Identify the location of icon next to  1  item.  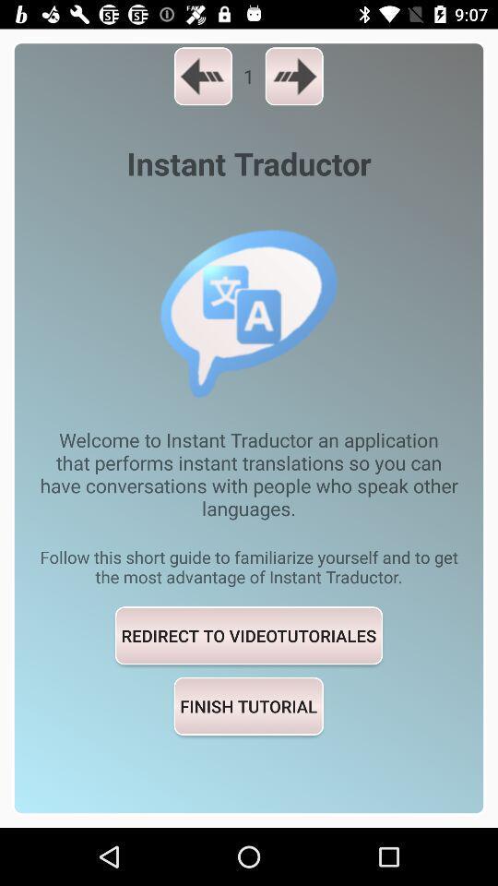
(202, 76).